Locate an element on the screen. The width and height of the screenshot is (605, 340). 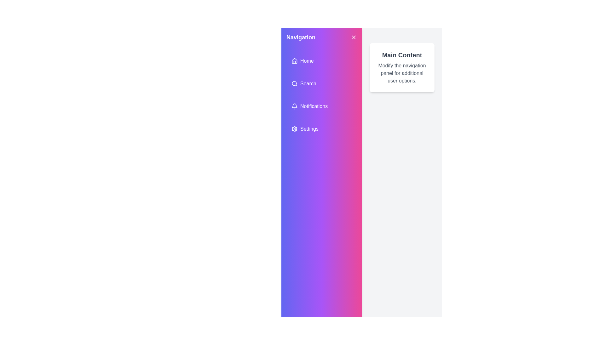
information presented in the Content block element titled 'Main Content' with description text below it is located at coordinates (402, 68).